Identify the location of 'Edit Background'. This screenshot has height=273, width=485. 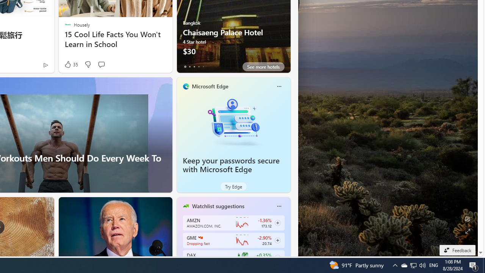
(467, 219).